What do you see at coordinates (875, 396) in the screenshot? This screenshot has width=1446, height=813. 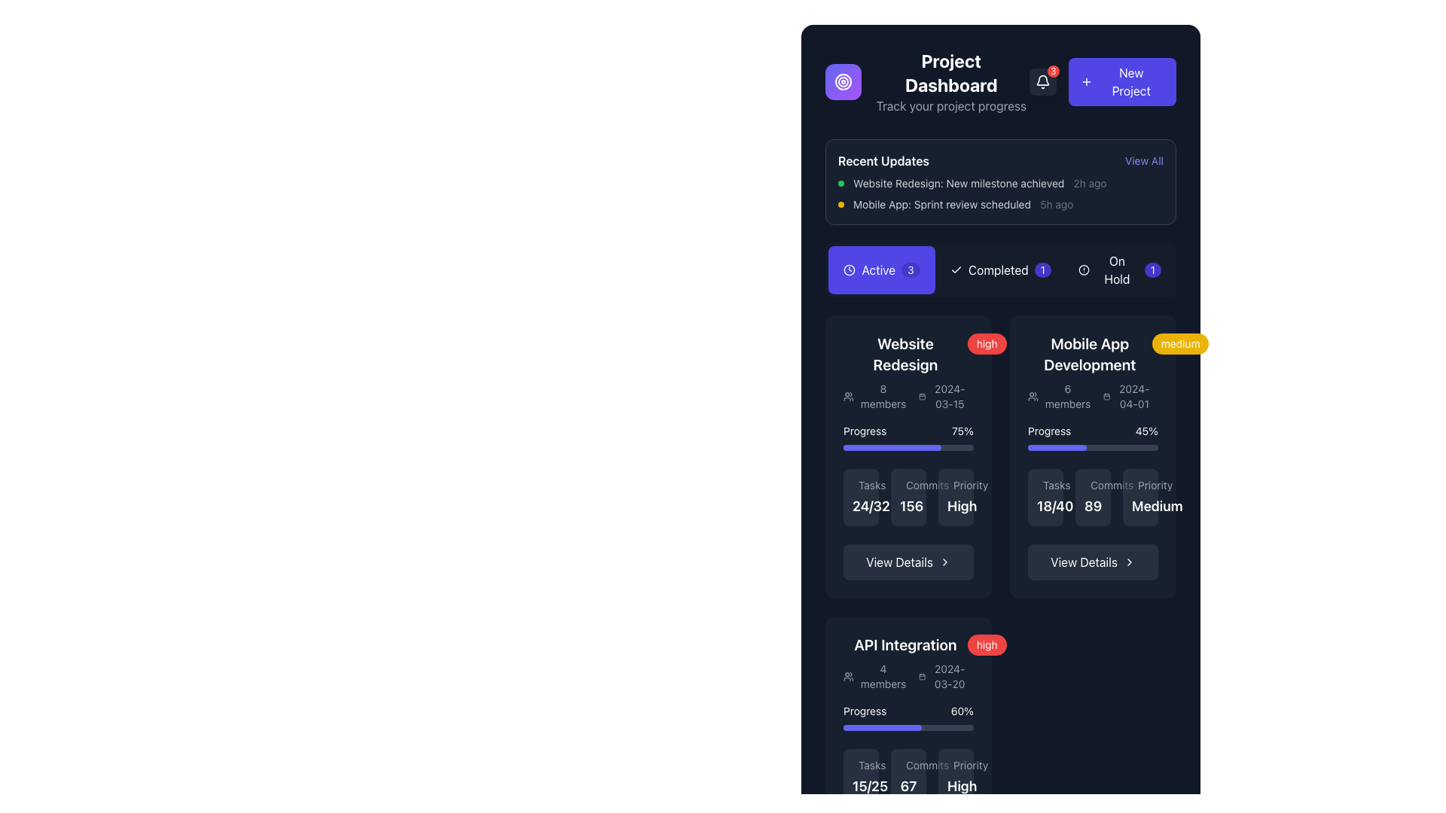 I see `the informational text displaying '8 members' adjacent to a user icon, located in the 'Website Redesign' box under the 'Active' tab on the dashboard` at bounding box center [875, 396].